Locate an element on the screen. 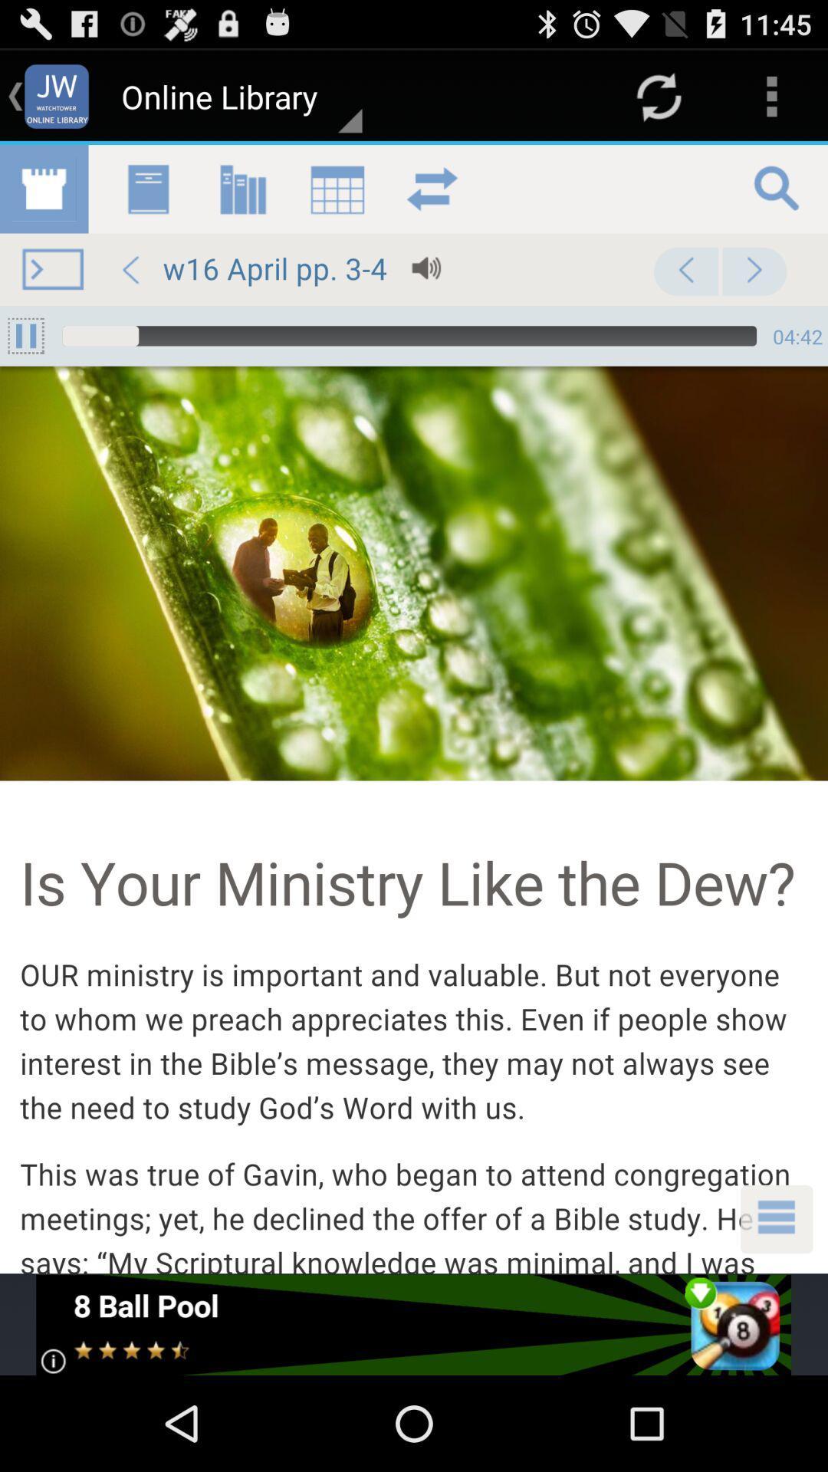 Image resolution: width=828 pixels, height=1472 pixels. view advertisements is located at coordinates (412, 1324).